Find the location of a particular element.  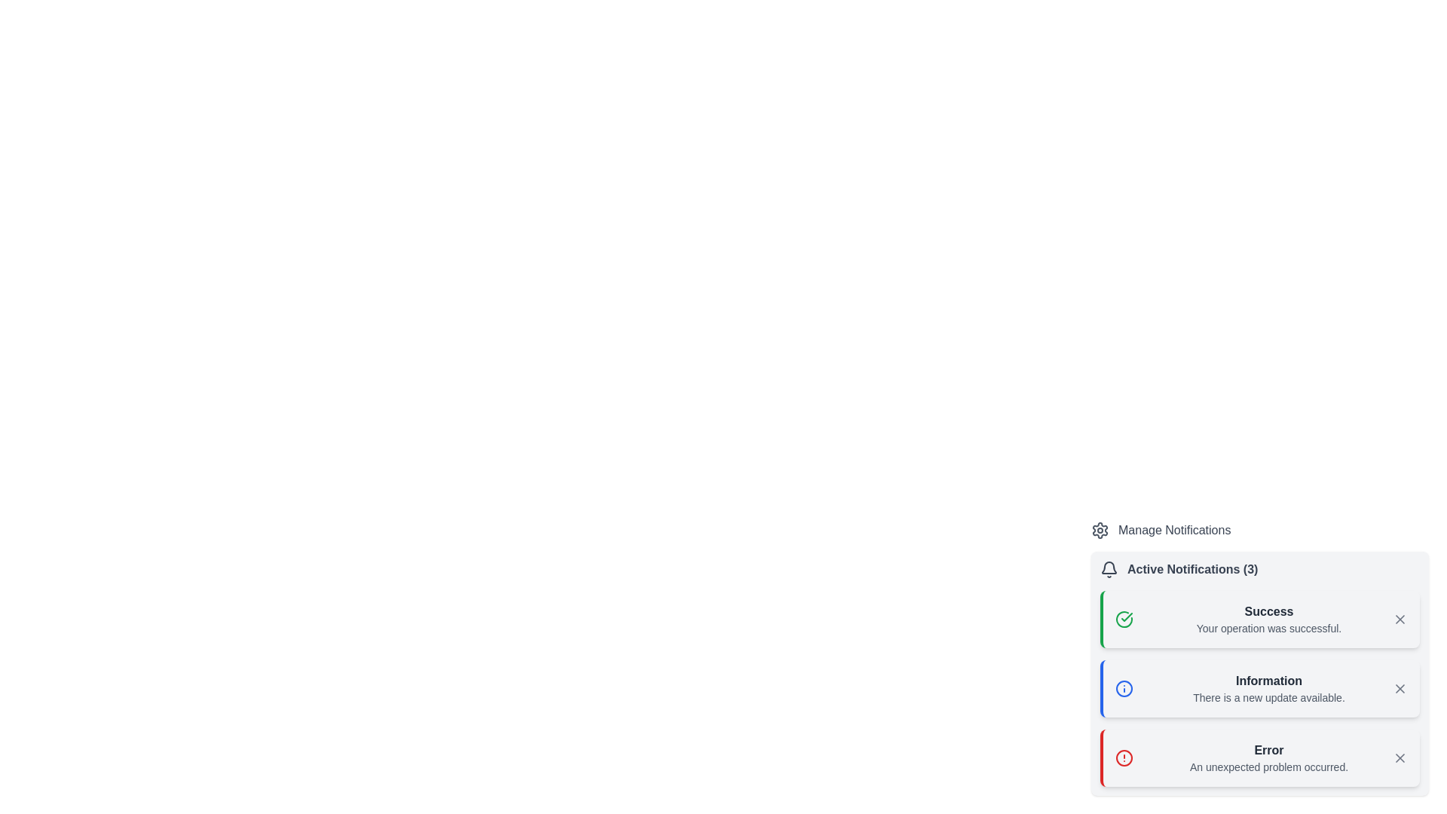

outer circle of the checkmark icon in the topmost 'Success' notification in the Active Notifications section for accessibility is located at coordinates (1124, 619).